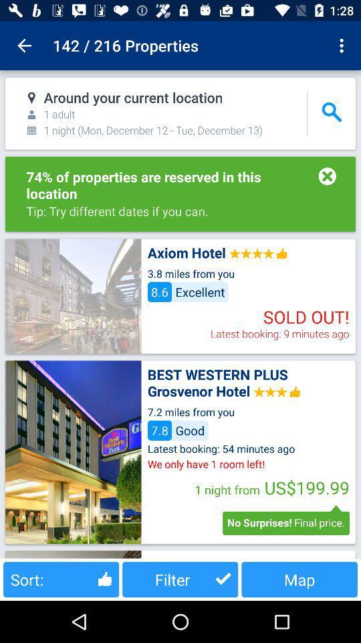 This screenshot has height=643, width=361. Describe the element at coordinates (180, 579) in the screenshot. I see `the item next to sort:` at that location.